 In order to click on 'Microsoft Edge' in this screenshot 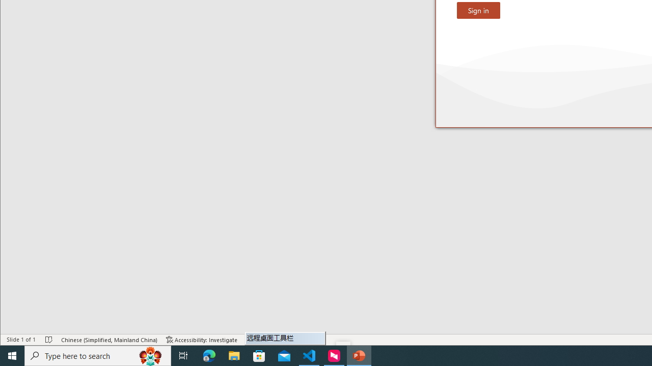, I will do `click(209, 355)`.